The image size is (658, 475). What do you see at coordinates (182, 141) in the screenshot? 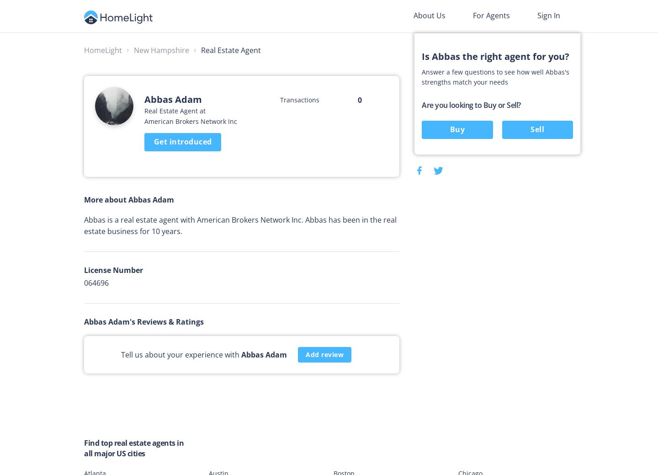
I see `'Get introduced'` at bounding box center [182, 141].